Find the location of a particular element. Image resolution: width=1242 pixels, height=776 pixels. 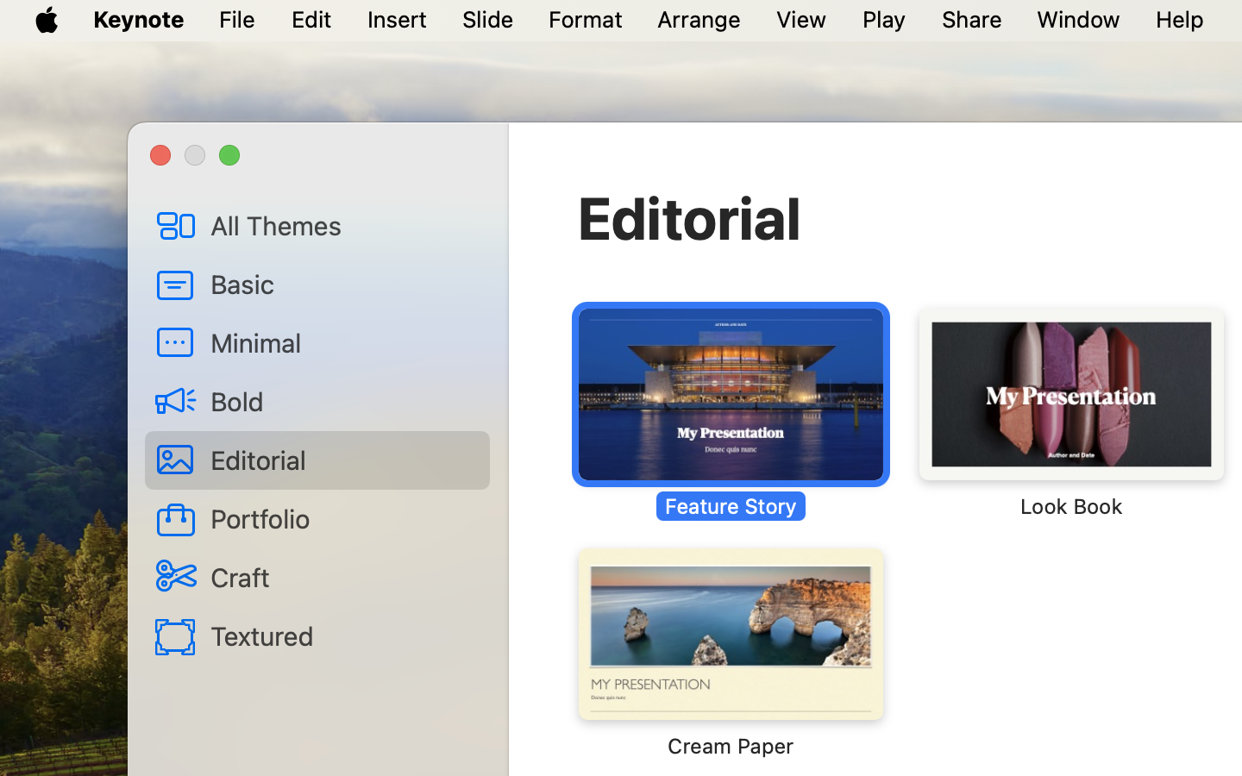

'Basic' is located at coordinates (342, 283).